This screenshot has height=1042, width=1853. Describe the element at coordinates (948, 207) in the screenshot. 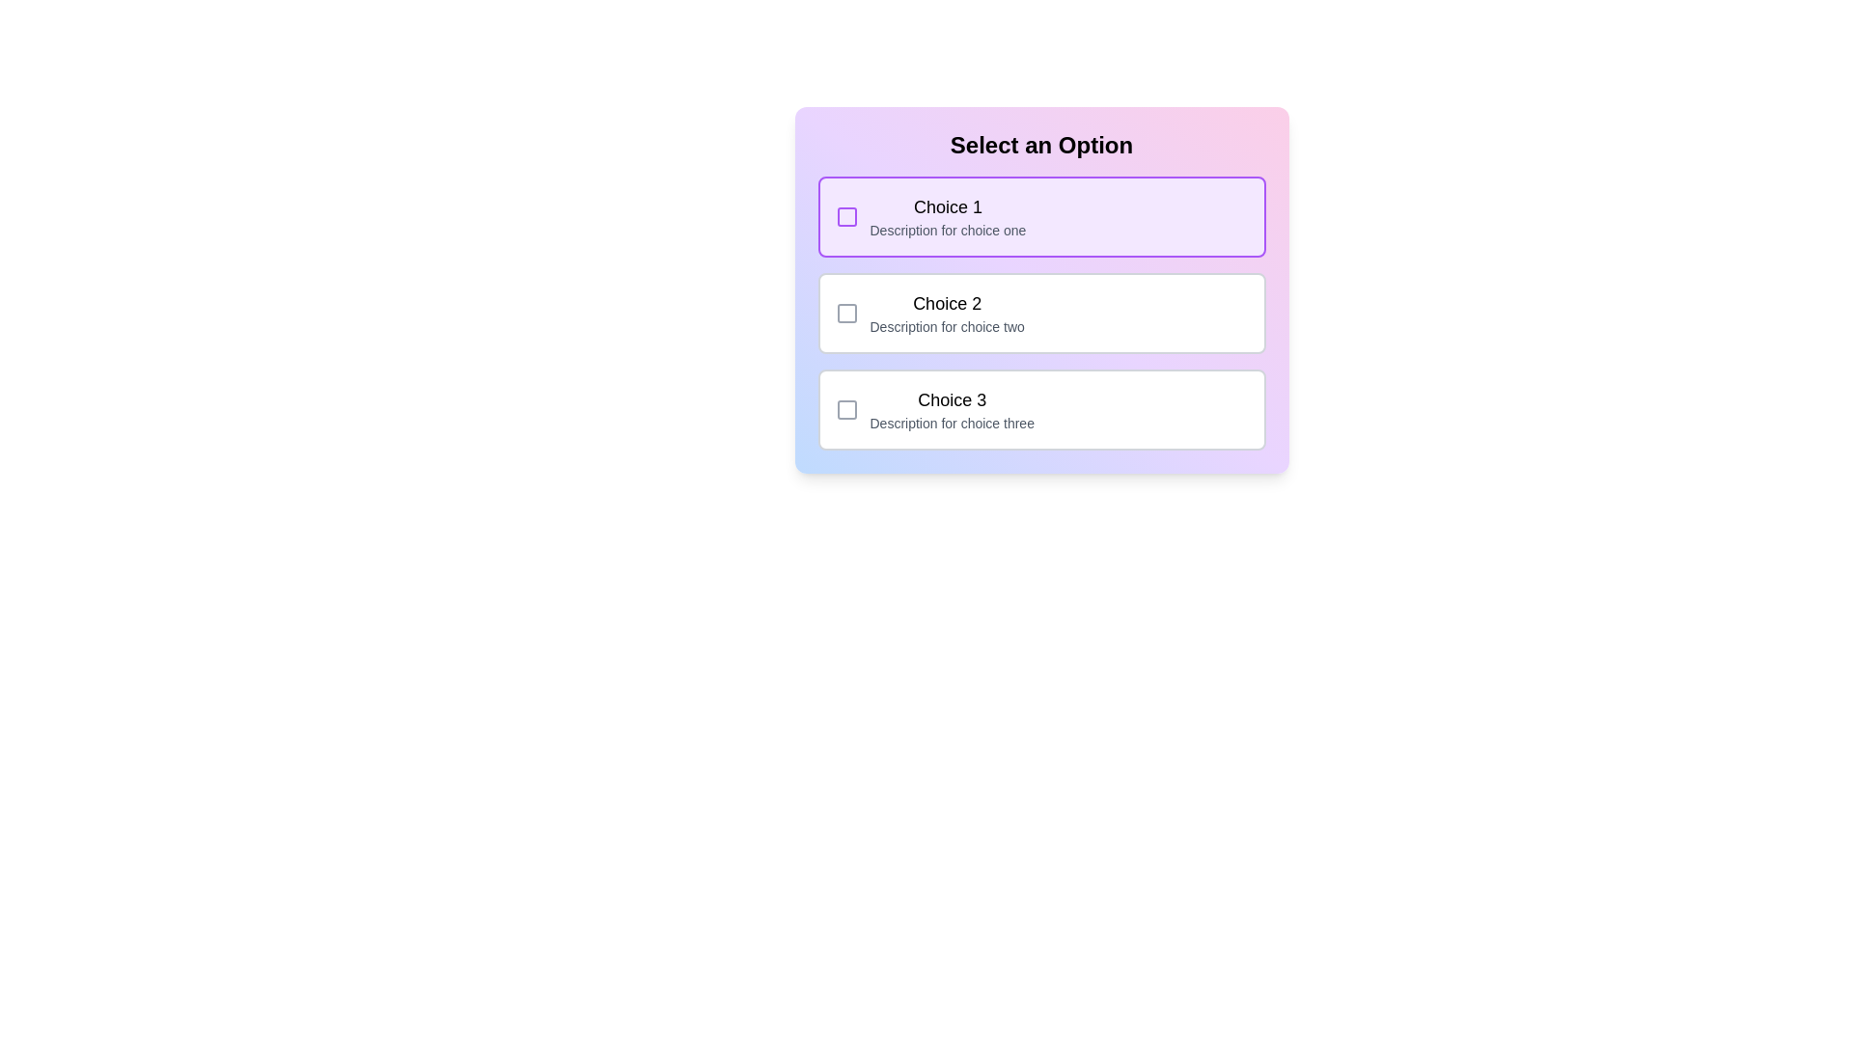

I see `the text label displaying 'Choice 1' which is positioned at the top left of the selection box with a light purple background` at that location.